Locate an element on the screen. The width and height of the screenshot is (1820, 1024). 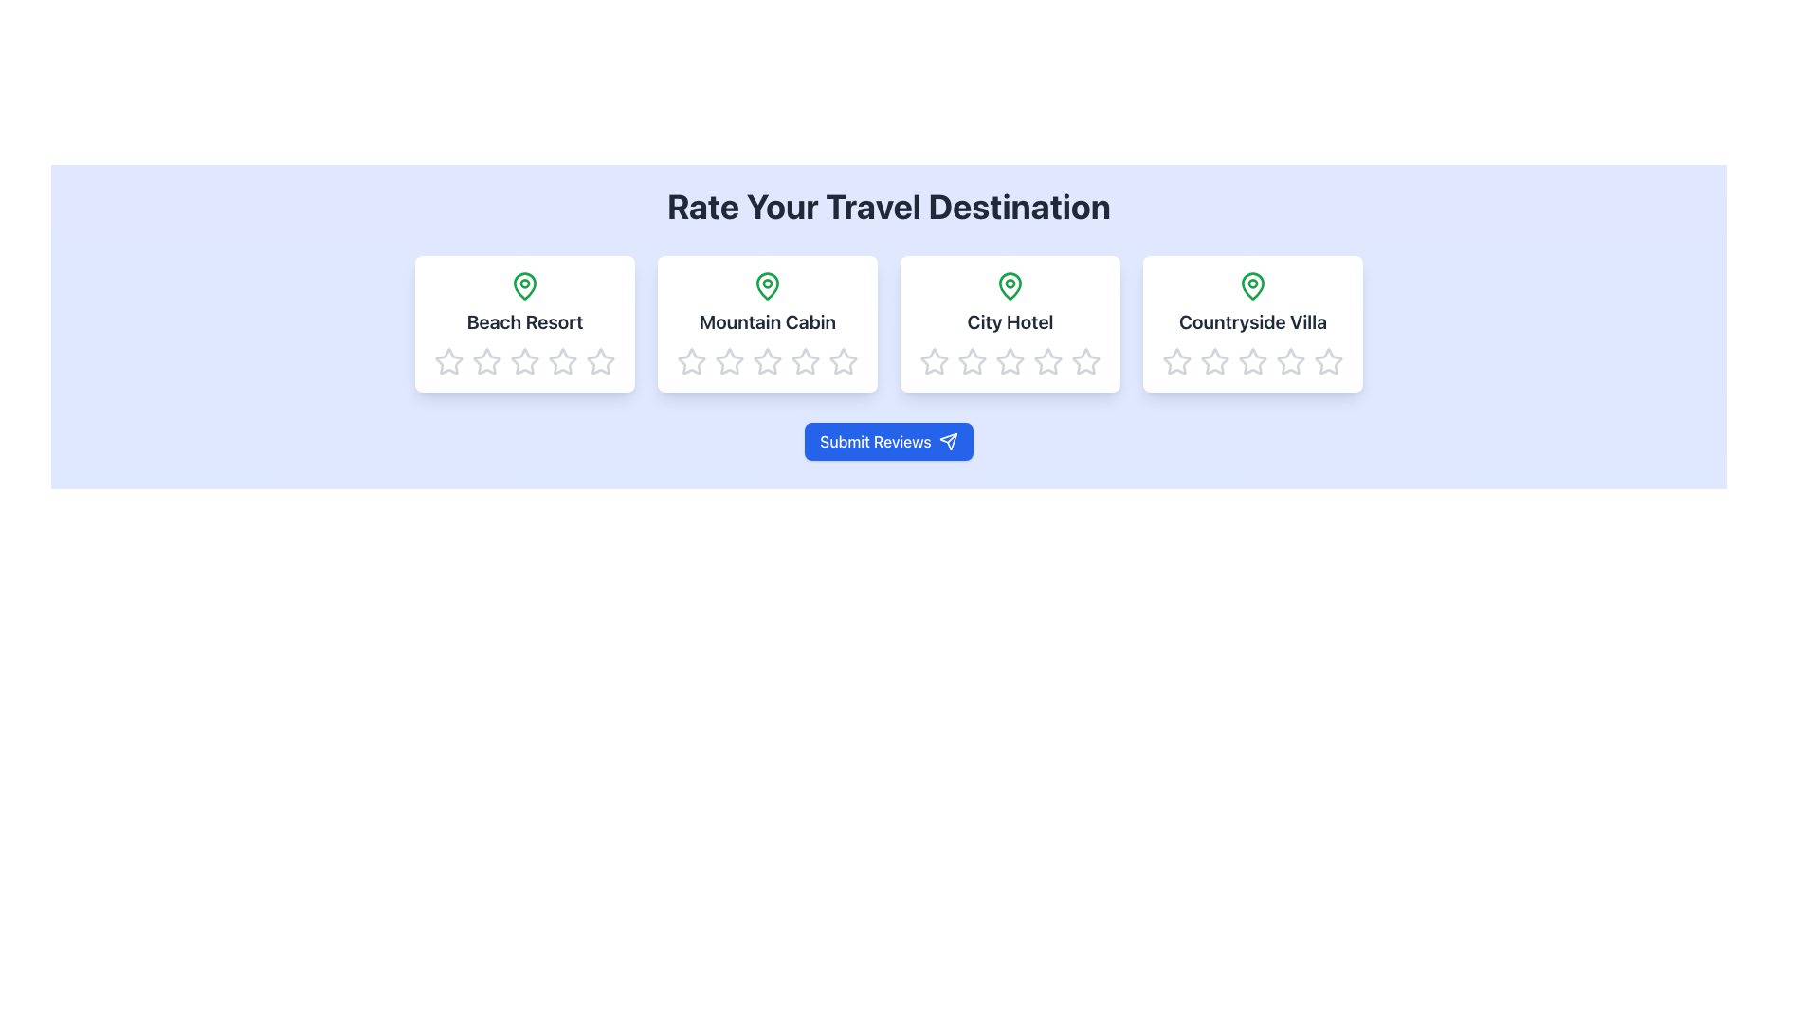
the fourth star-shaped rating icon from the left, which is styled in light gray and located beneath the Countryside Villa rating card is located at coordinates (1252, 361).